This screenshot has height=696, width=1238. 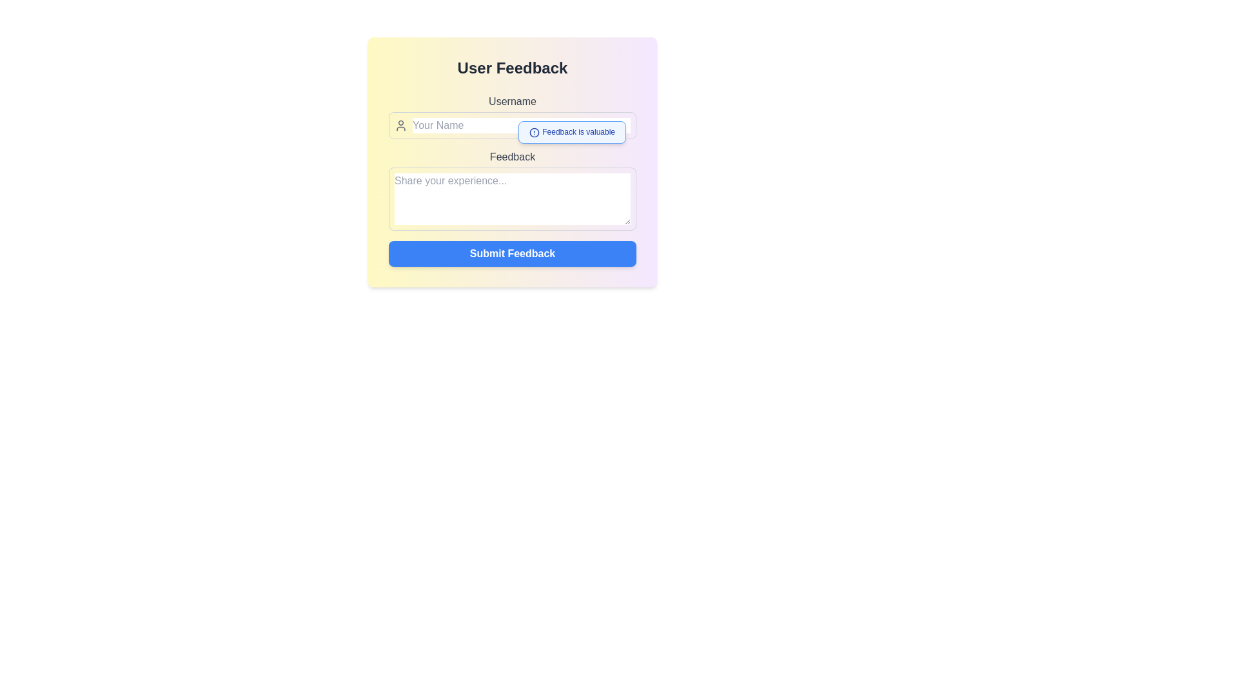 What do you see at coordinates (400, 126) in the screenshot?
I see `the small user profile icon with a gray outline and white interior, located to the left of the 'Your Name' text input field` at bounding box center [400, 126].